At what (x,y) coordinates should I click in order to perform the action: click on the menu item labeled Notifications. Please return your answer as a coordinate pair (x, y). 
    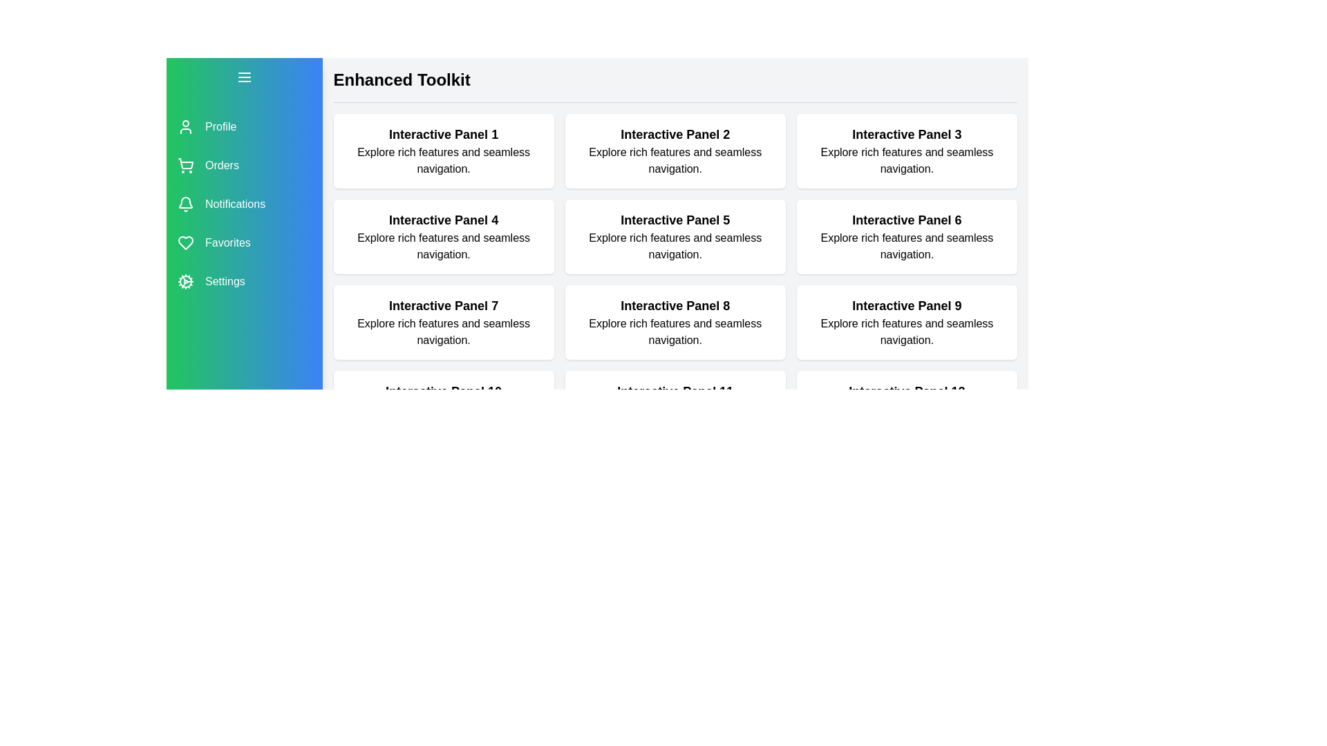
    Looking at the image, I should click on (244, 204).